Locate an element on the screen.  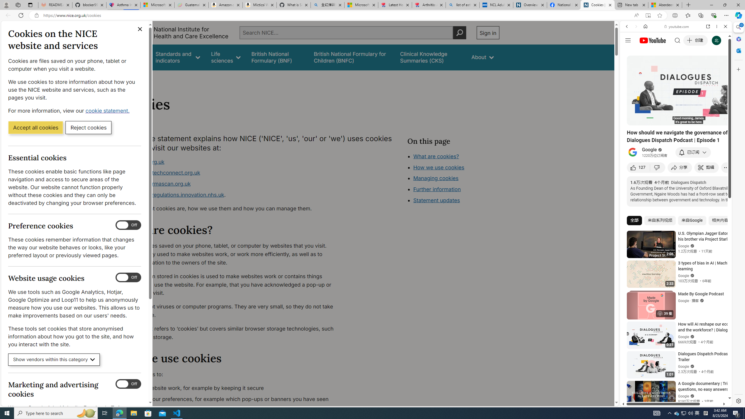
'Microsoft-Report a Concern to Bing' is located at coordinates (157, 5).